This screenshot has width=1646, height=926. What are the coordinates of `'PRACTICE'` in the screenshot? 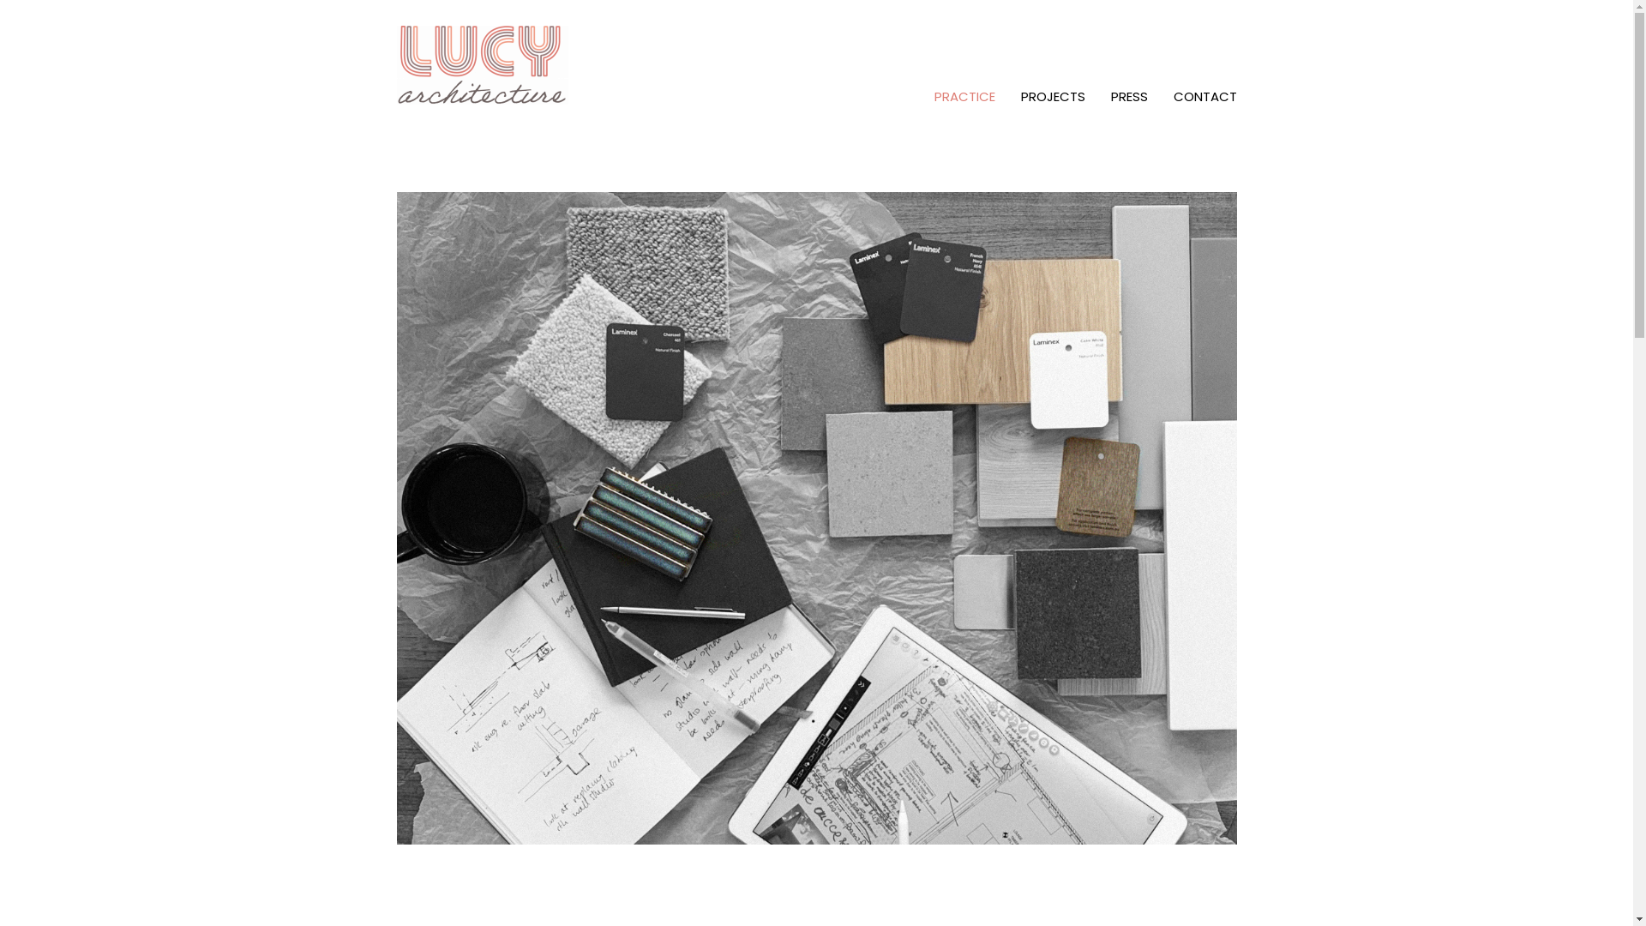 It's located at (964, 98).